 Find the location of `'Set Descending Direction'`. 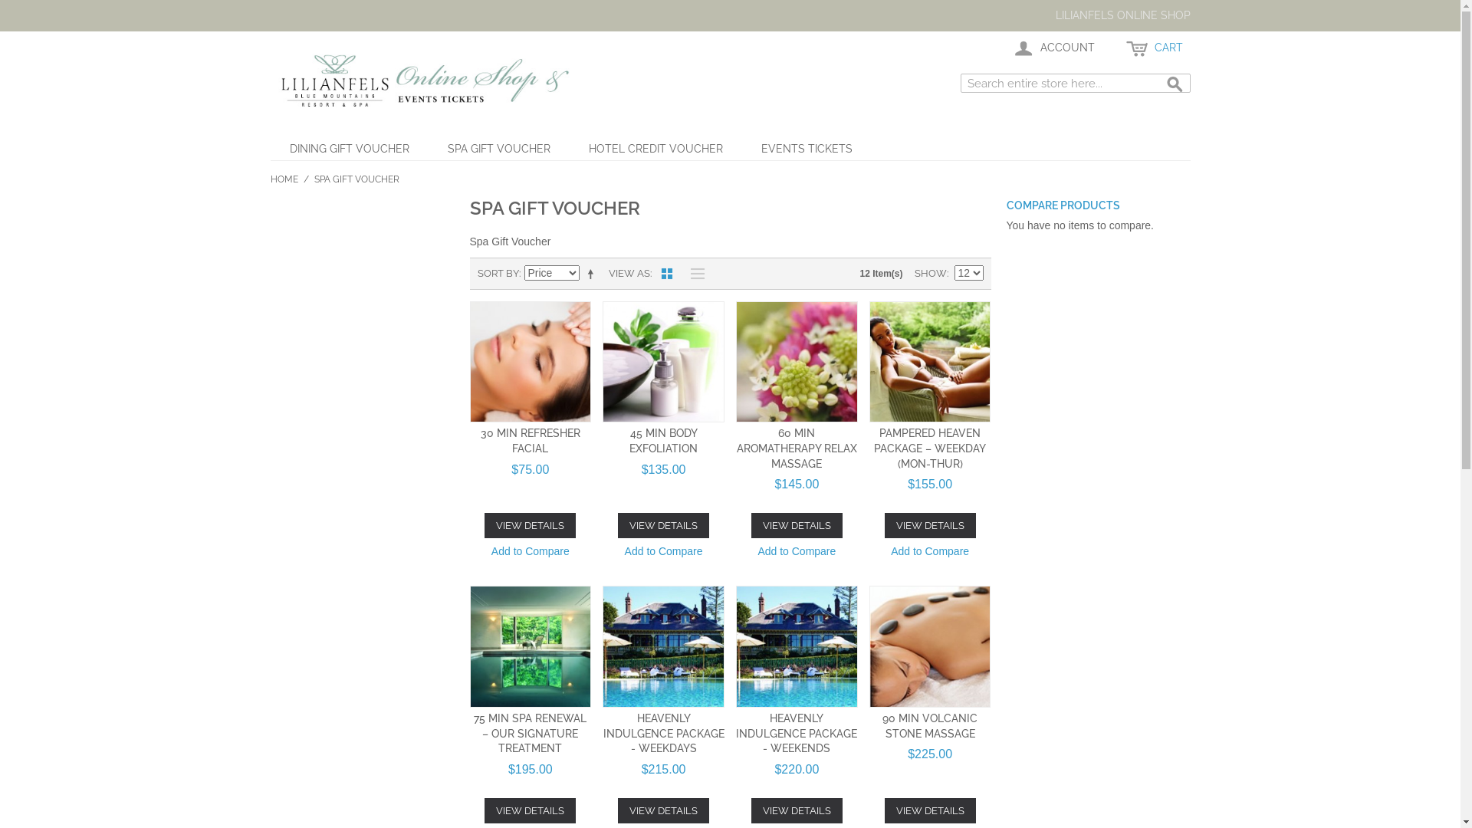

'Set Descending Direction' is located at coordinates (580, 273).